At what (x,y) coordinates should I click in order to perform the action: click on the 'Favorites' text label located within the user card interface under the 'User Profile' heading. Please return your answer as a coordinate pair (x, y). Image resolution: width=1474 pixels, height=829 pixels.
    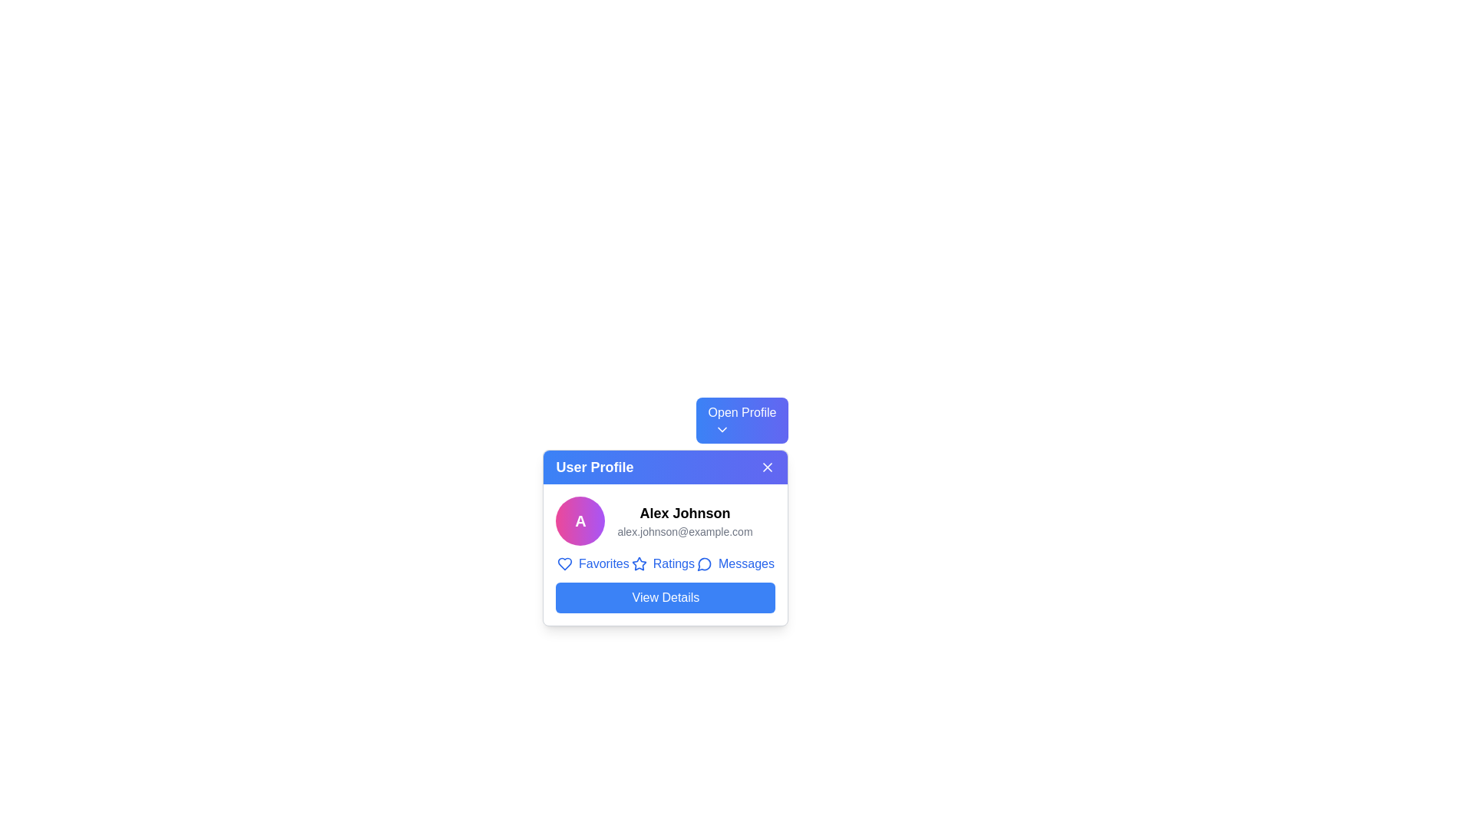
    Looking at the image, I should click on (603, 564).